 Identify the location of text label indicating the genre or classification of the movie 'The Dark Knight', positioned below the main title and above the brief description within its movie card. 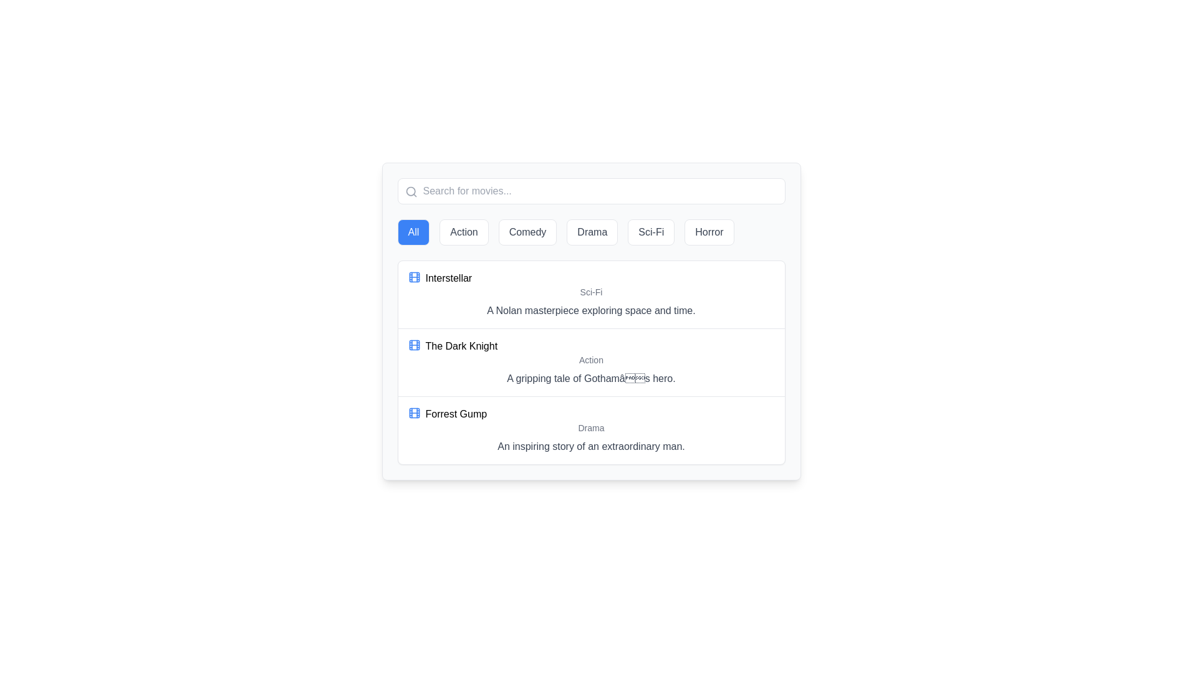
(590, 360).